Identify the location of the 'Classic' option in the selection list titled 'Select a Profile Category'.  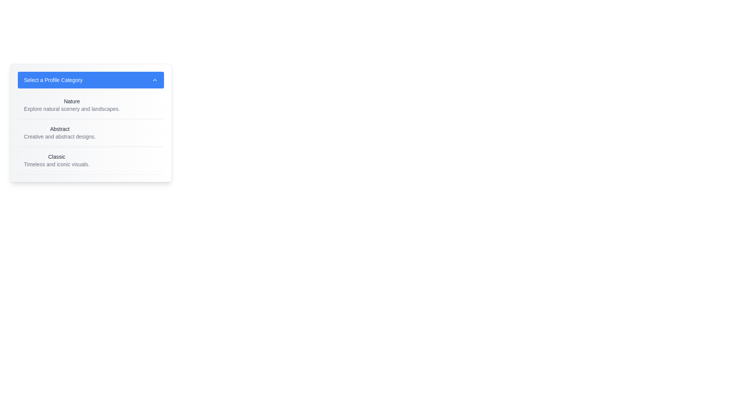
(91, 160).